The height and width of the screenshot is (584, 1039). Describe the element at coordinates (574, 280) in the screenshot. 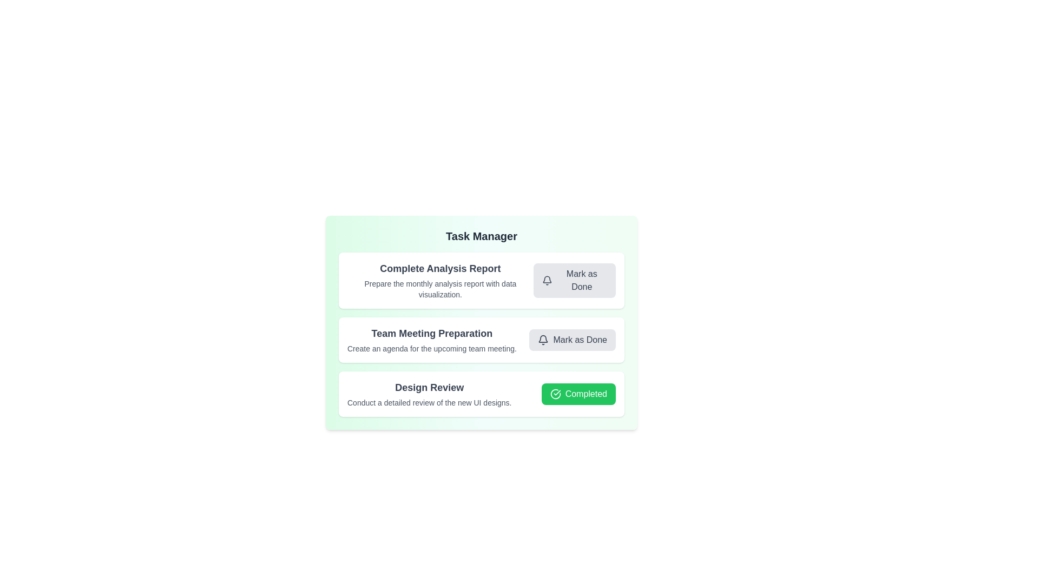

I see `button to toggle the completion status of the task titled 'Complete Analysis Report'` at that location.